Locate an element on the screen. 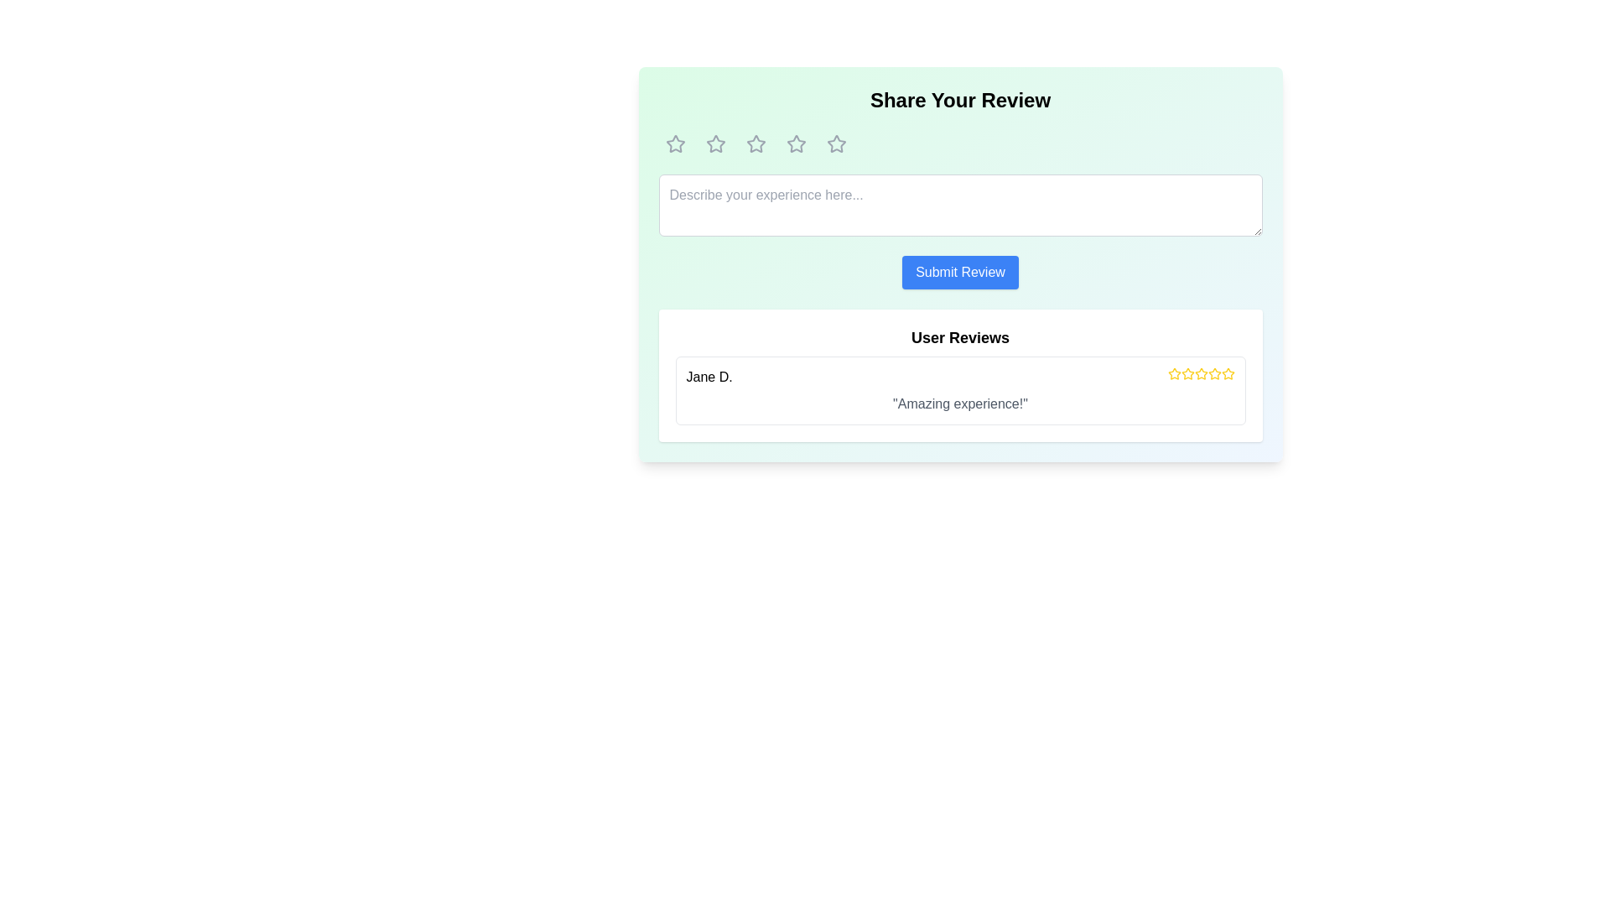 Image resolution: width=1610 pixels, height=906 pixels. the submit button for written reviews, located centrally below the input field in the review section is located at coordinates (960, 271).